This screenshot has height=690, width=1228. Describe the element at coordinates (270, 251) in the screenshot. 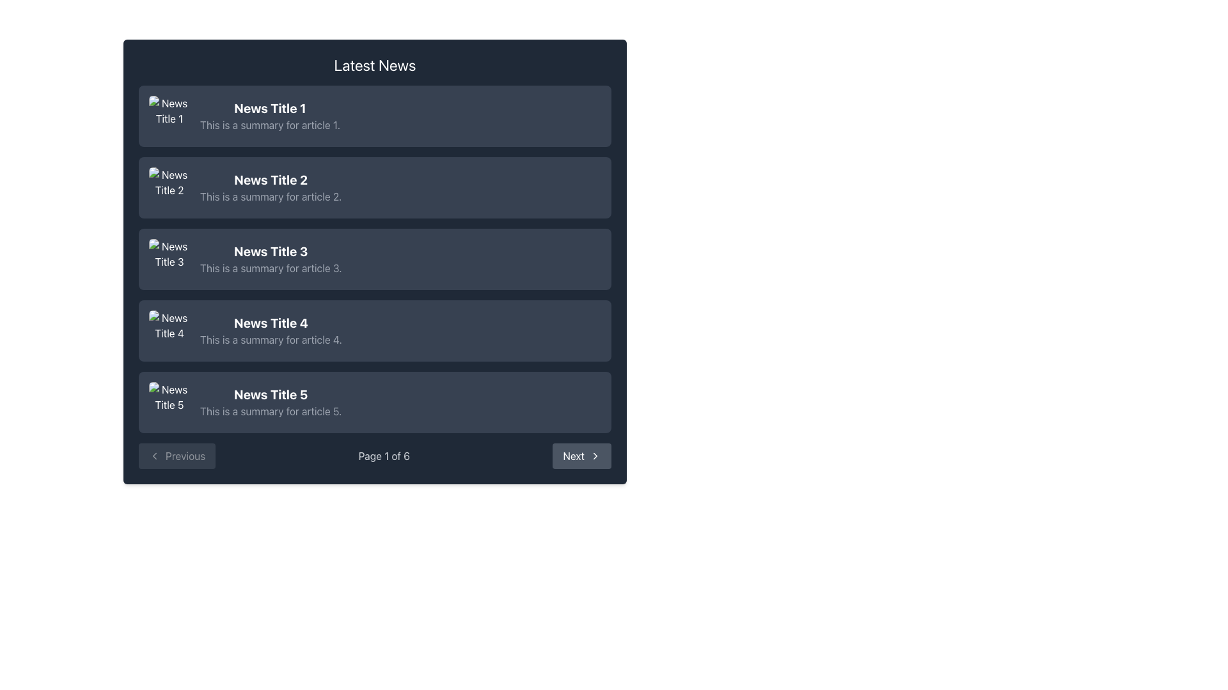

I see `the text header of the third news article, which indicates the article's content and is positioned above the summary text and below the second news title` at that location.